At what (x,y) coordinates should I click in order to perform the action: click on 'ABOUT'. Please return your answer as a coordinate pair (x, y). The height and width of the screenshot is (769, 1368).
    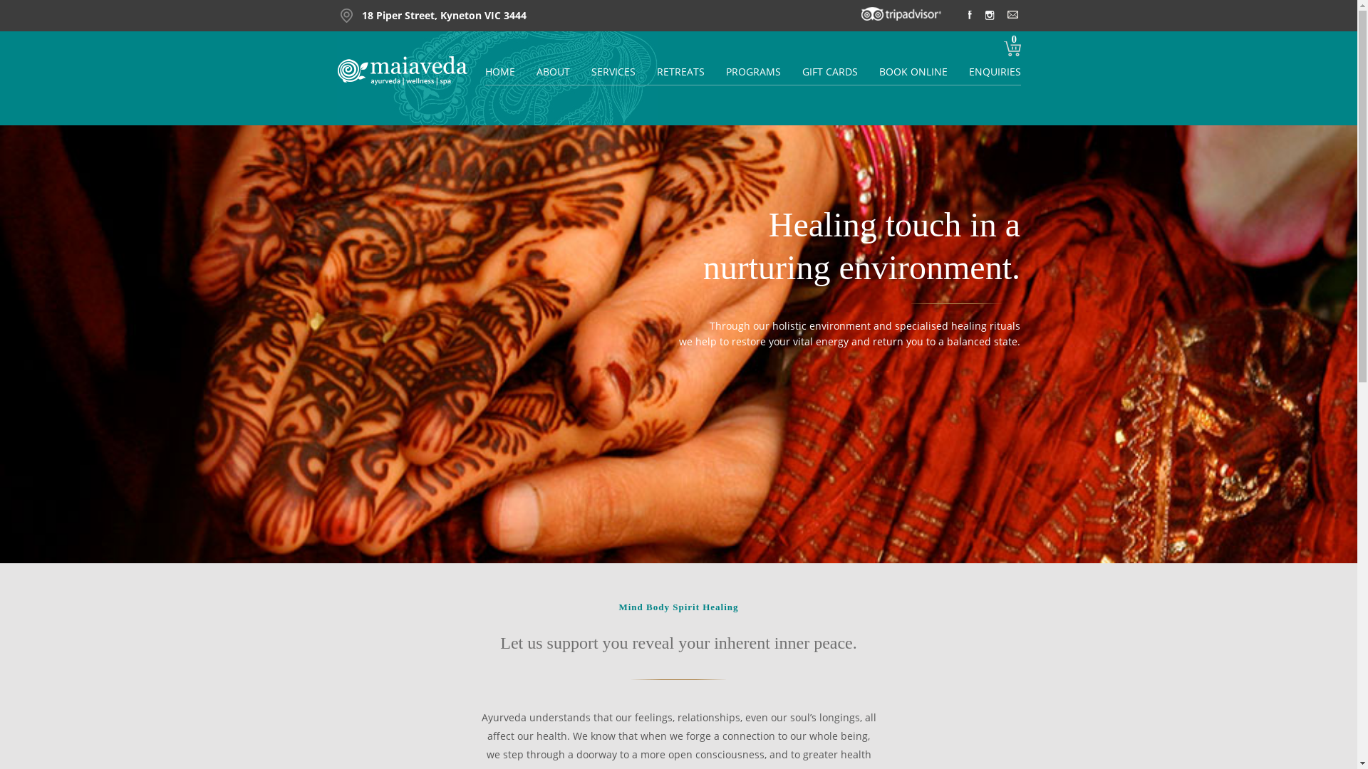
    Looking at the image, I should click on (551, 71).